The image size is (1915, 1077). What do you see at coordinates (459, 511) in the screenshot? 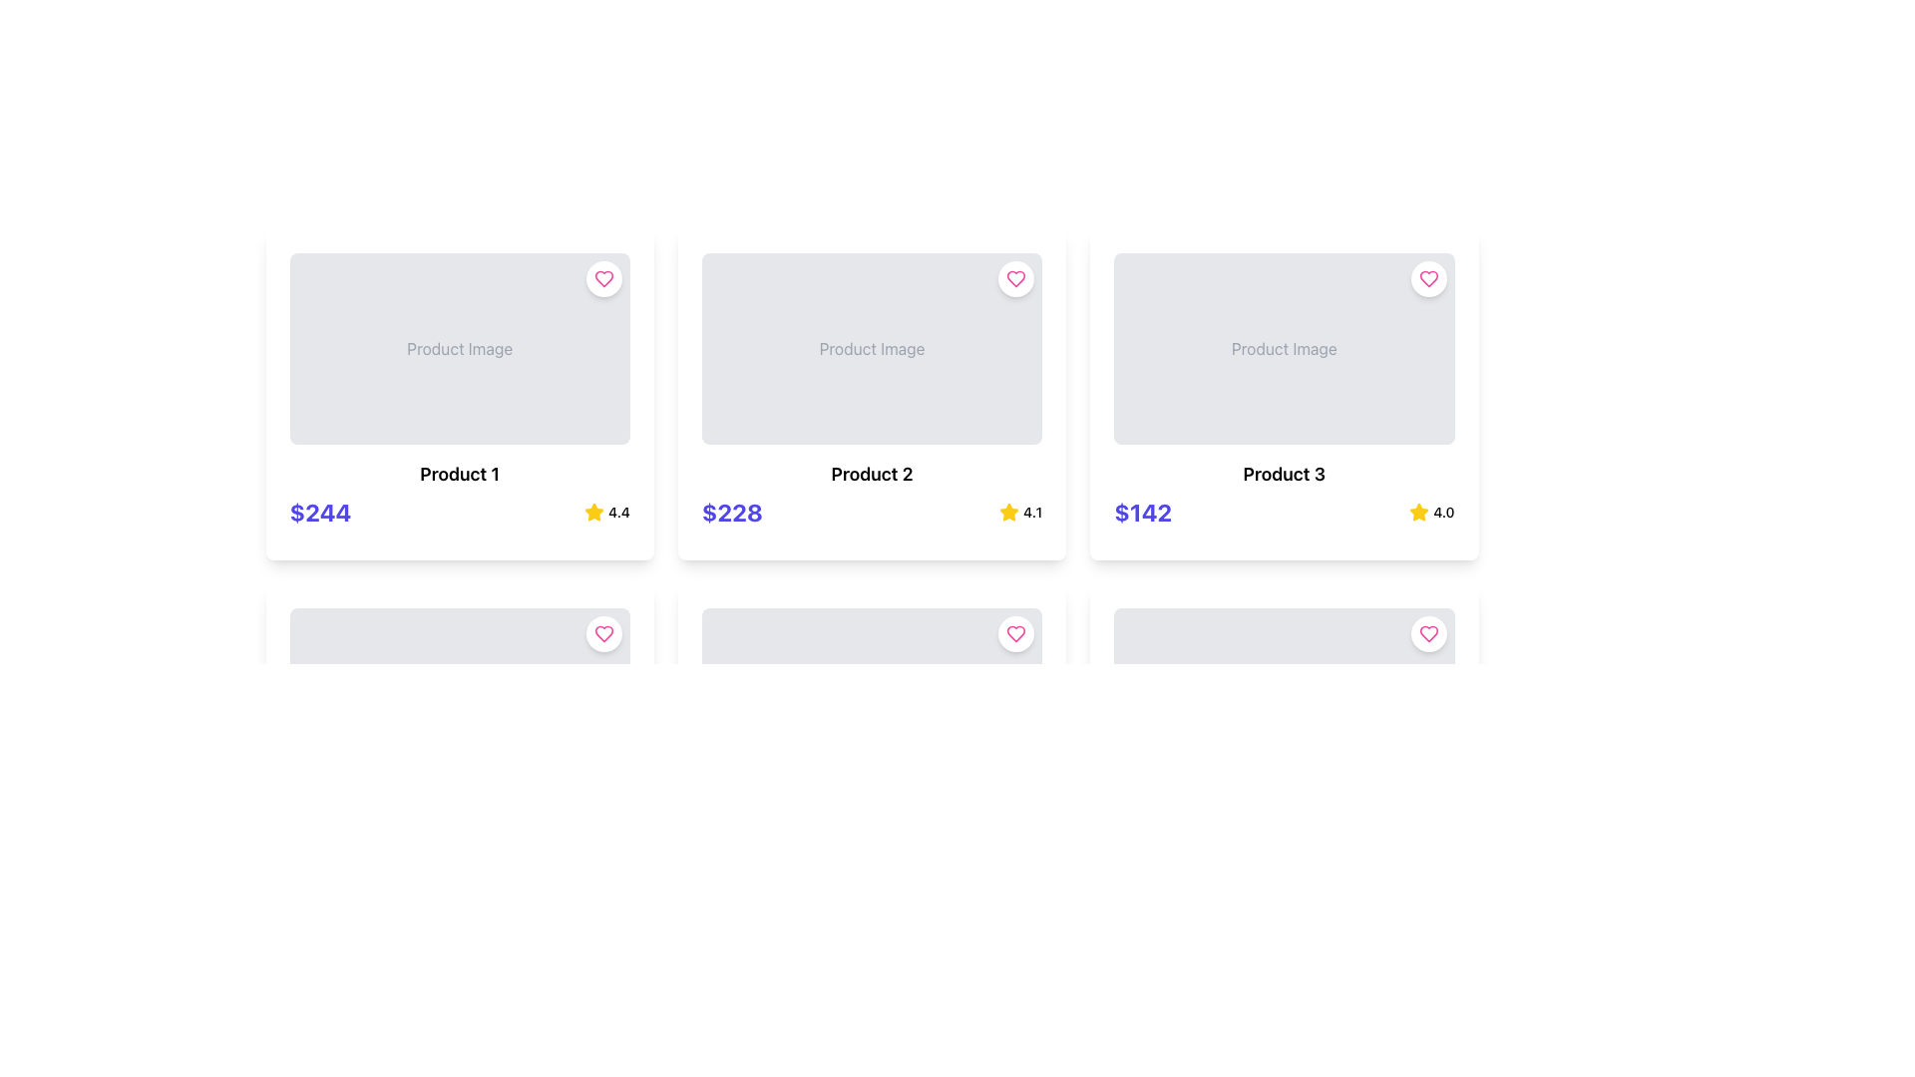
I see `the Information display element that shows the price '$244' and user rating '4.4' for 'Product 1'` at bounding box center [459, 511].